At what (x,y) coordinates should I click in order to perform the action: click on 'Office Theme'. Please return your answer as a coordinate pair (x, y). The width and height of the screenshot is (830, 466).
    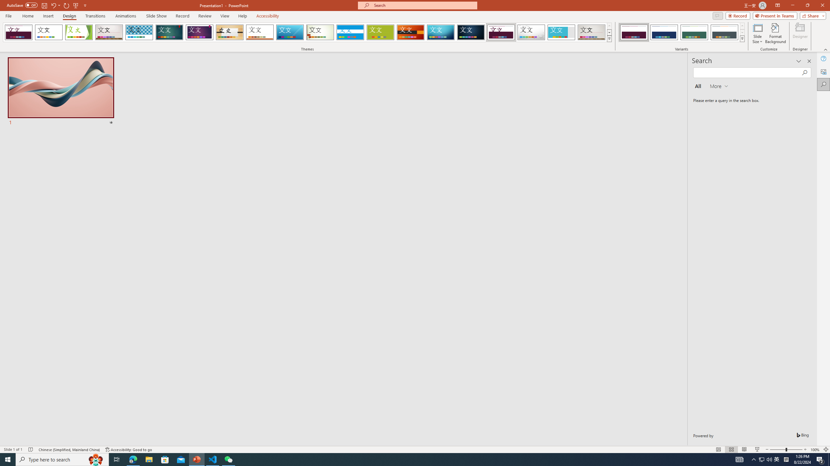
    Looking at the image, I should click on (49, 32).